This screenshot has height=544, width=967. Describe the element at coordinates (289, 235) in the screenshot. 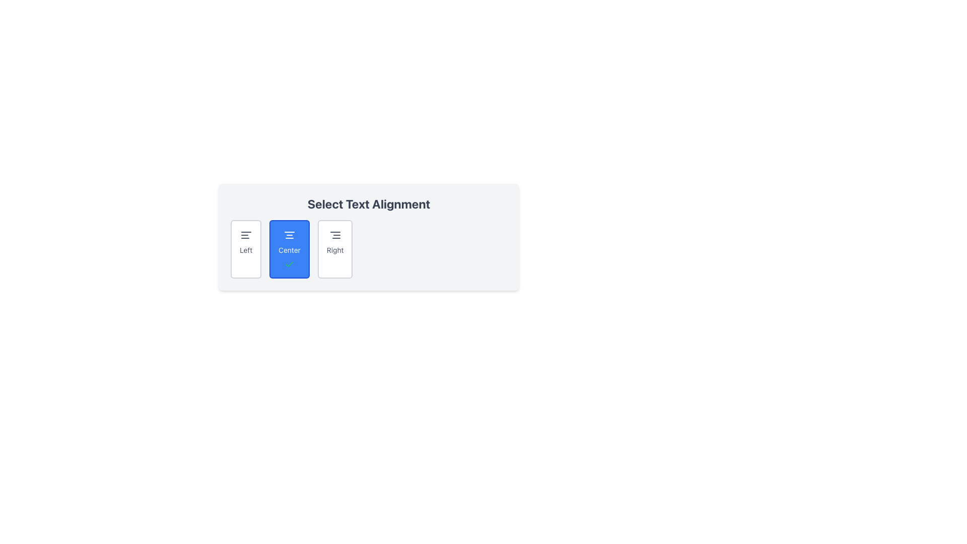

I see `the center alignment icon button, which is visually centered within a blue rounded rectangle and located in the middle of three alignment selection buttons below the 'Select Text Alignment' title` at that location.